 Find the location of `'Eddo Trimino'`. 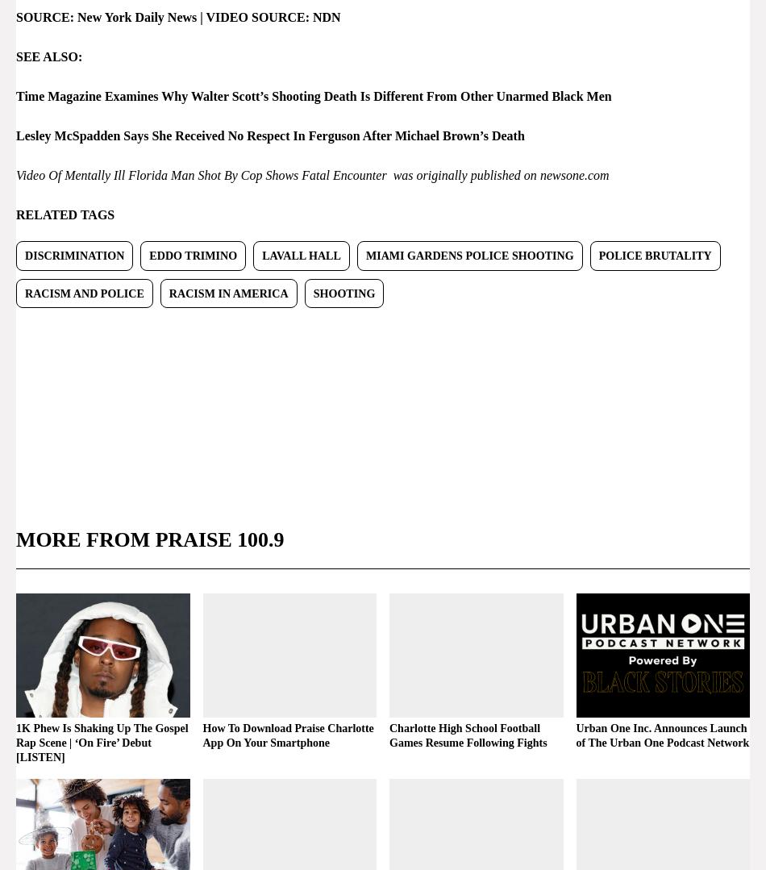

'Eddo Trimino' is located at coordinates (192, 254).